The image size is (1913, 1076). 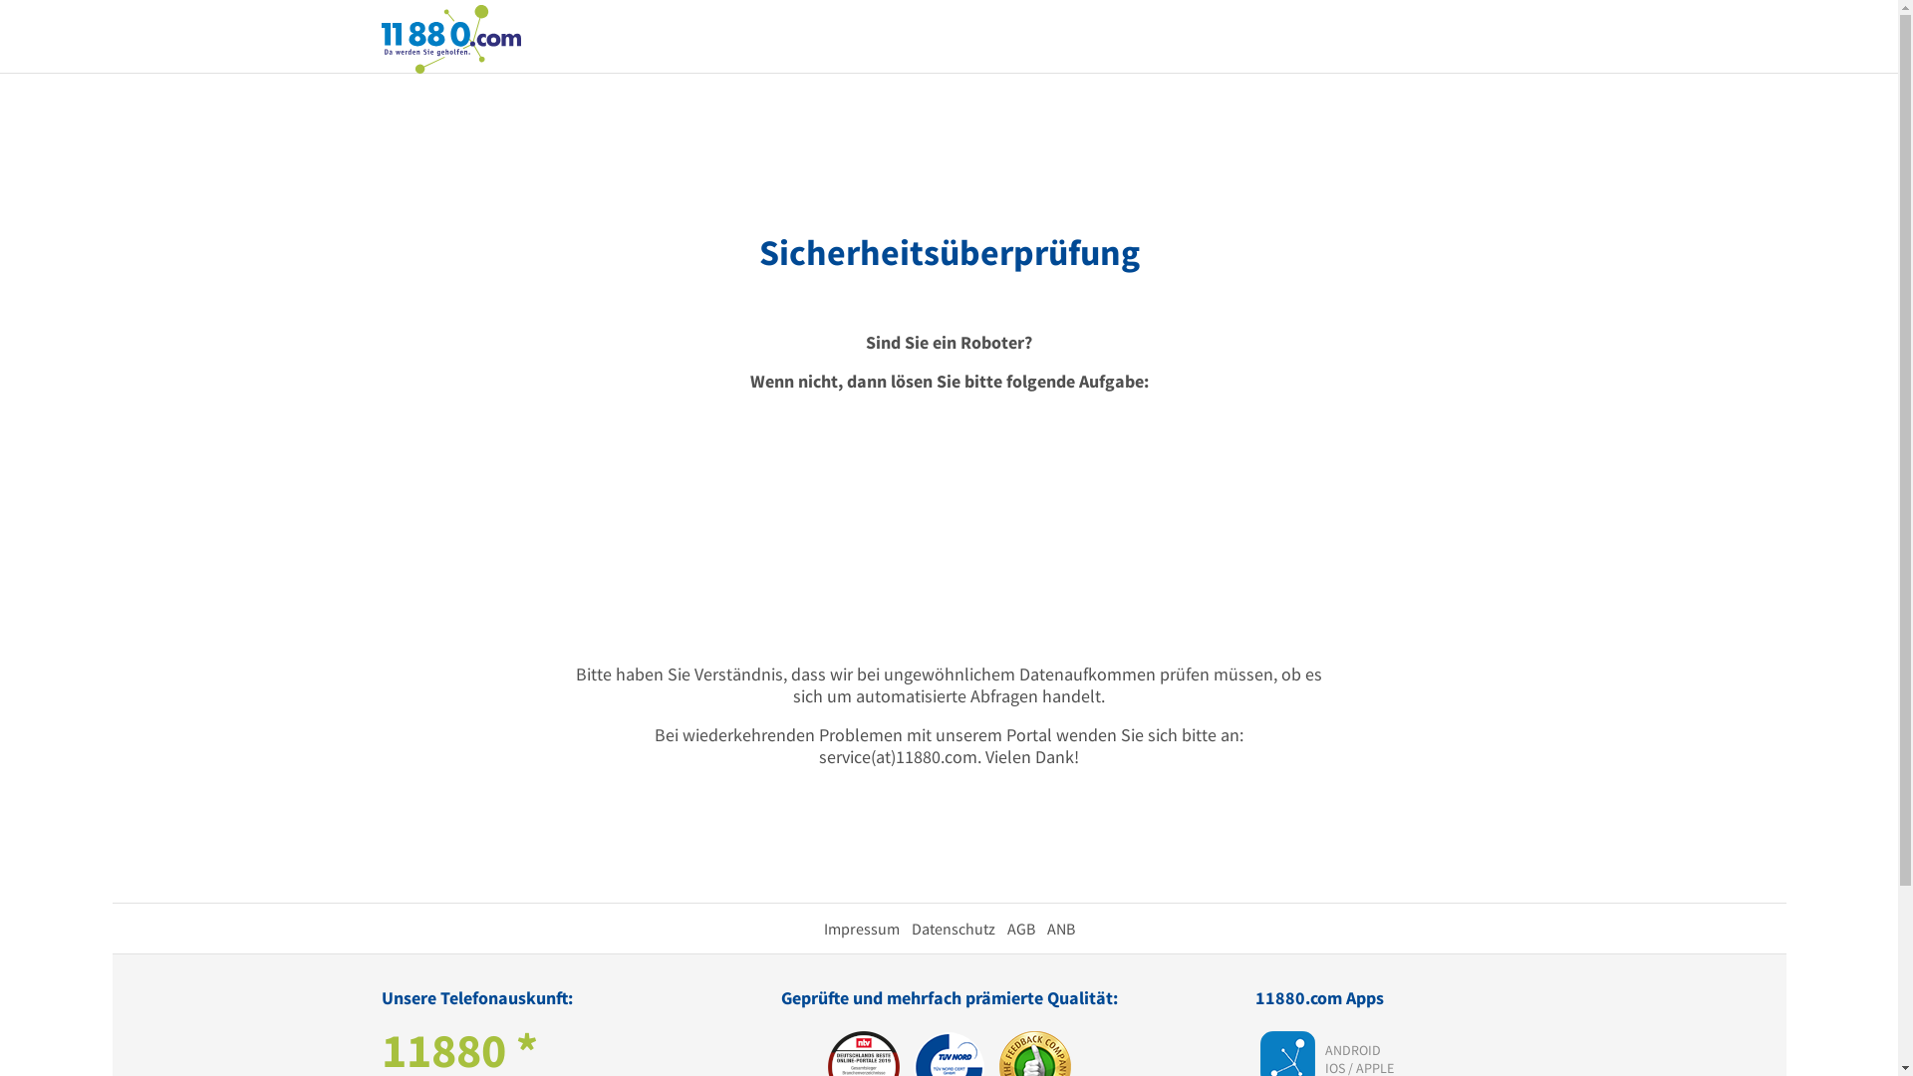 What do you see at coordinates (1059, 929) in the screenshot?
I see `'ANB'` at bounding box center [1059, 929].